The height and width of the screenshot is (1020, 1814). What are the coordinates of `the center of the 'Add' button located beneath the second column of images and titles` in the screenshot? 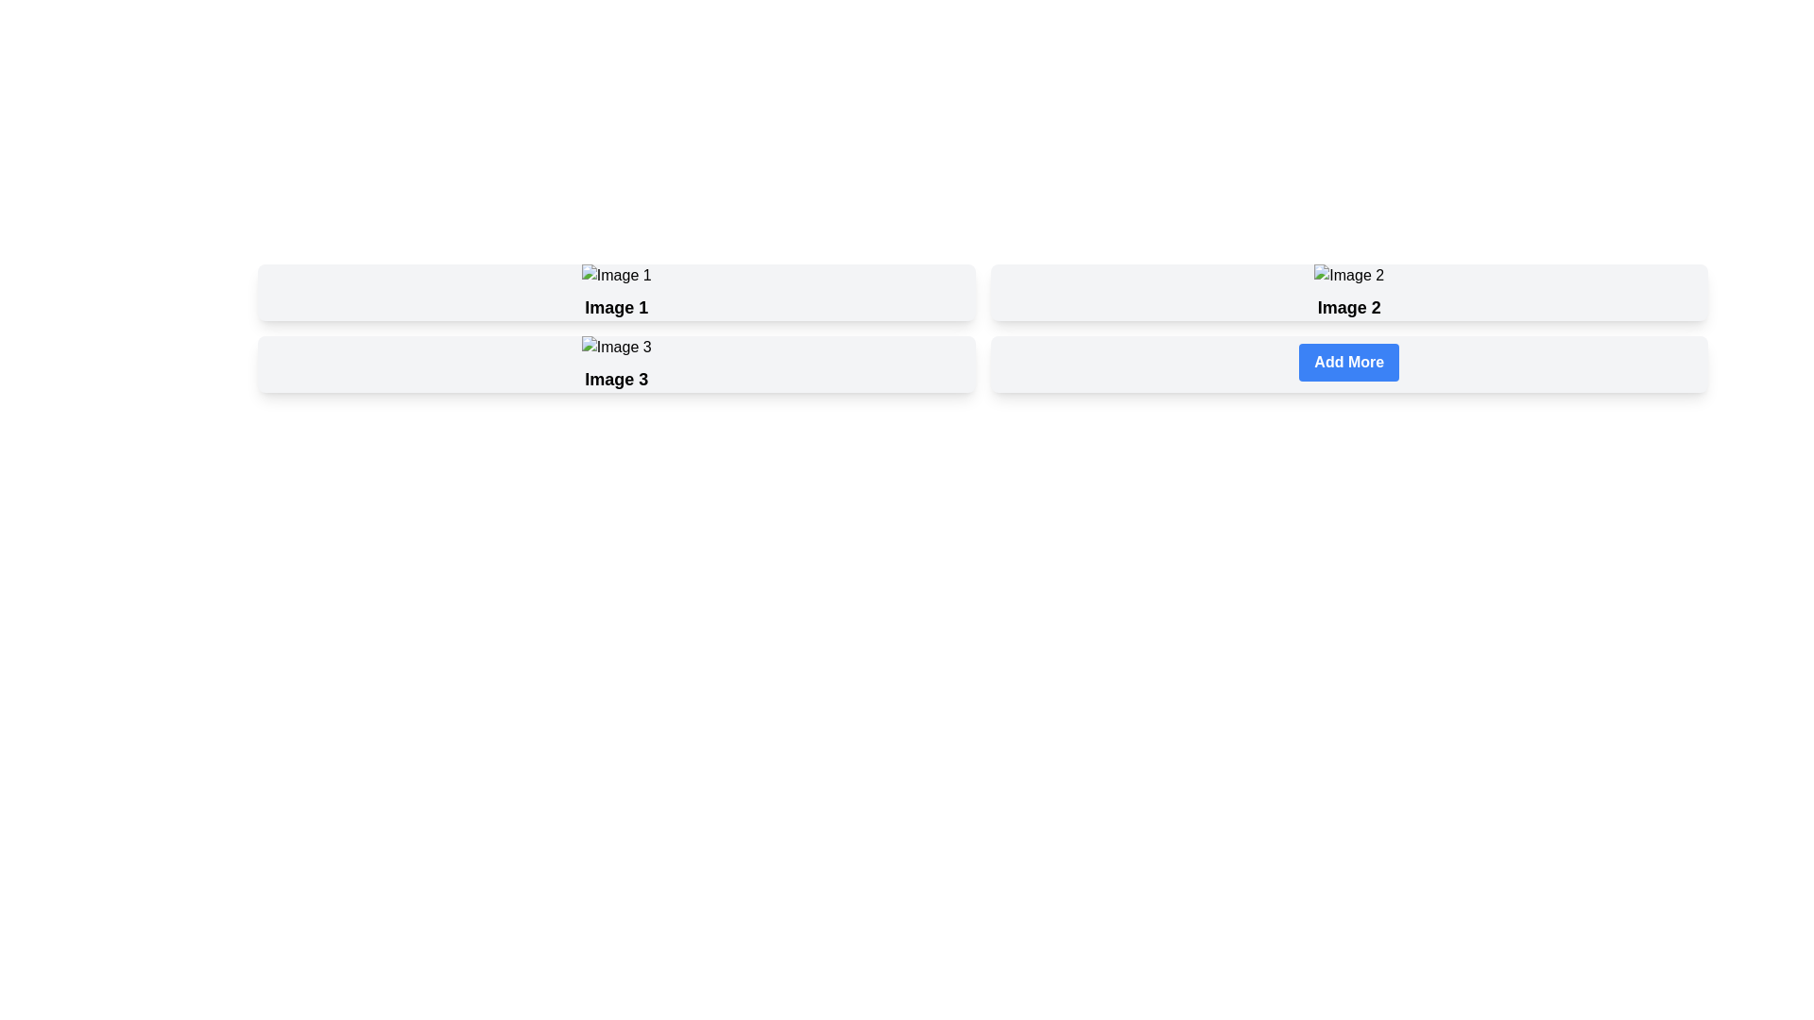 It's located at (1348, 363).